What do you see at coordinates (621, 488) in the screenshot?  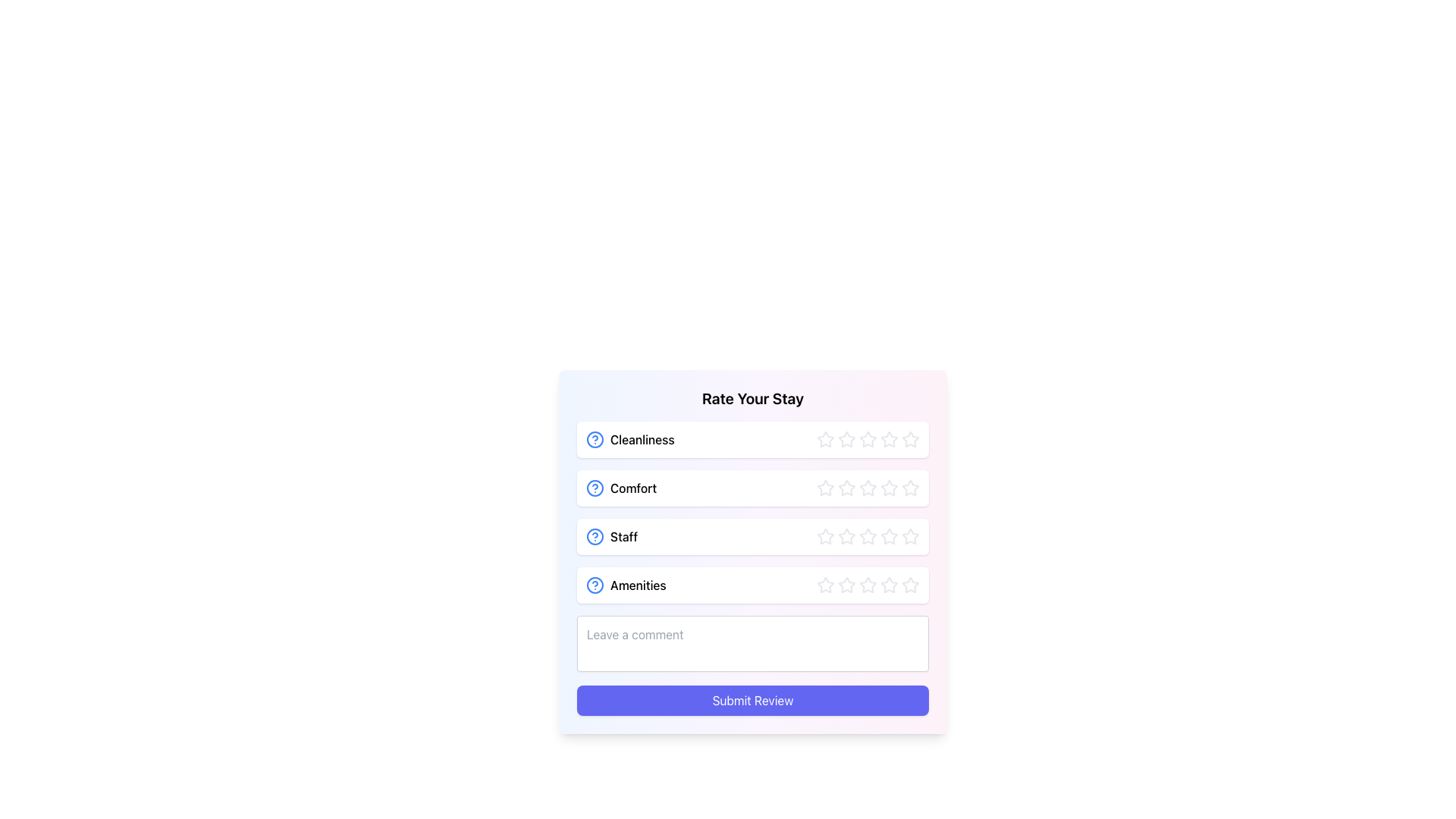 I see `the 'Comfort' label with the blue circular icon` at bounding box center [621, 488].